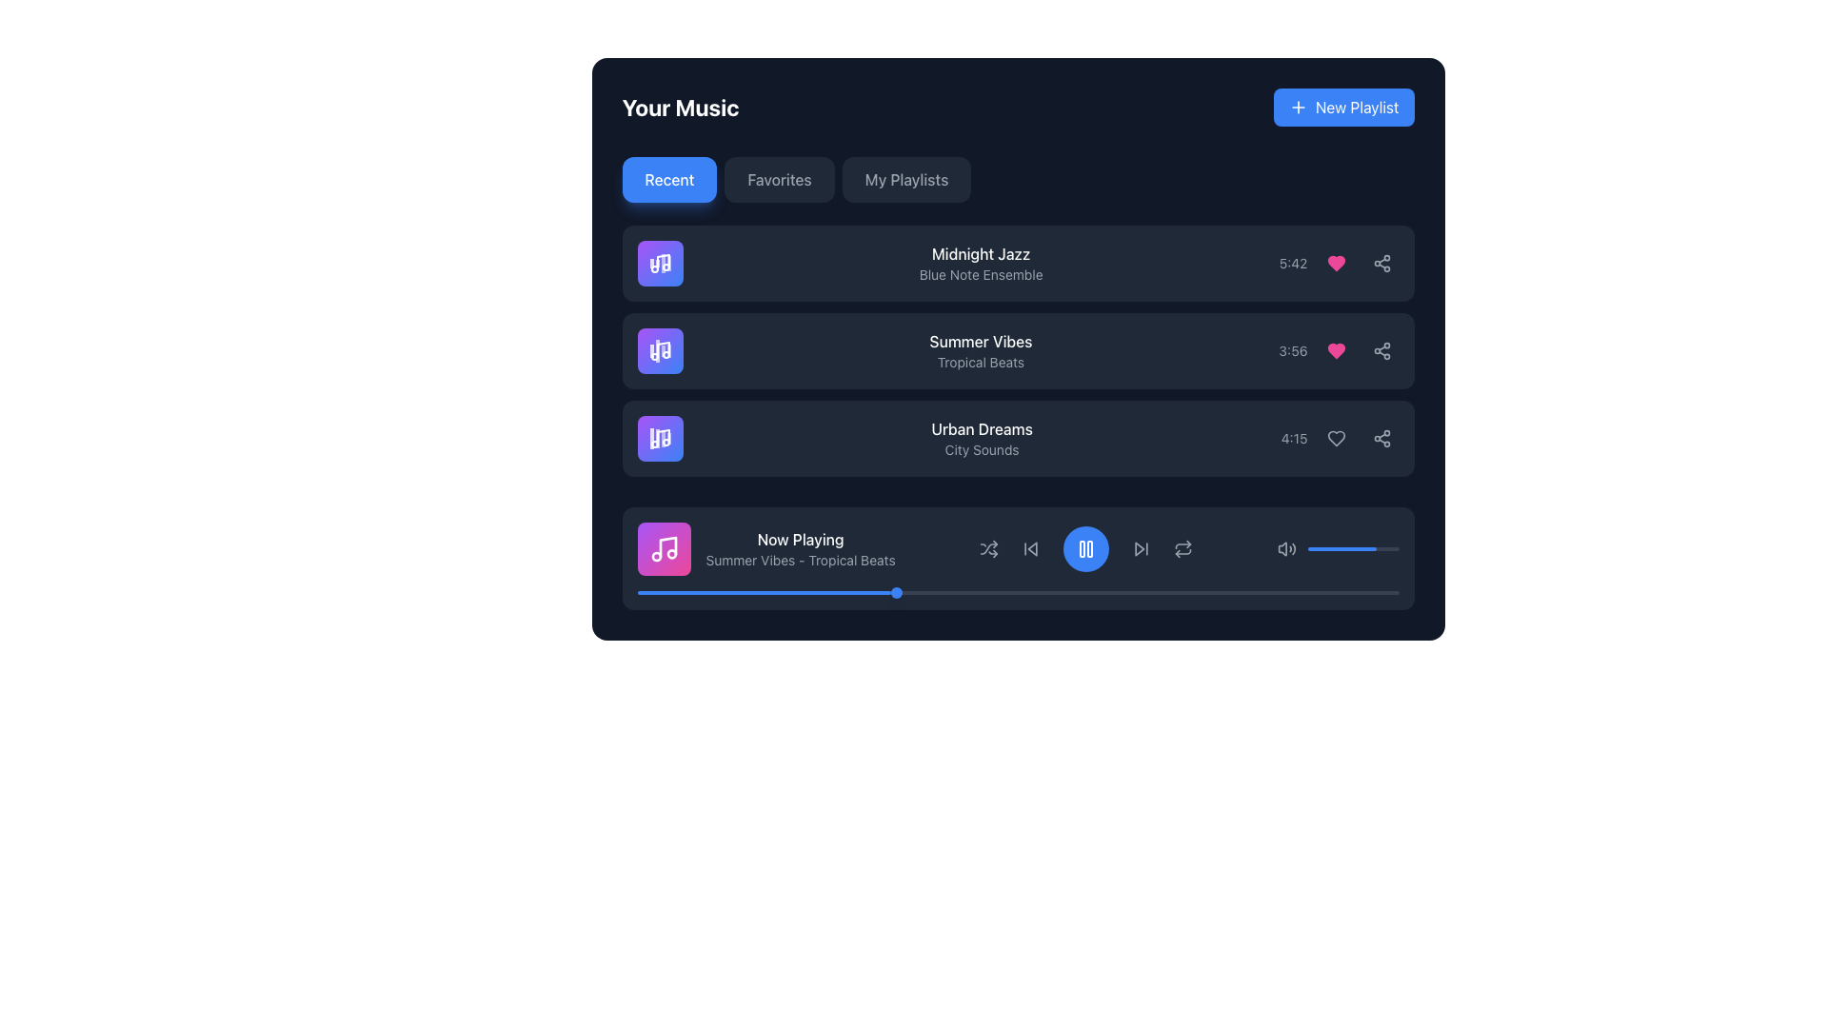 The width and height of the screenshot is (1828, 1028). I want to click on the primary vertical line in the music note design located beside the text 'Summer Vibes - Tropical Beats' in the second item of the vertical list of cards on the left-hand sidebar, so click(663, 349).